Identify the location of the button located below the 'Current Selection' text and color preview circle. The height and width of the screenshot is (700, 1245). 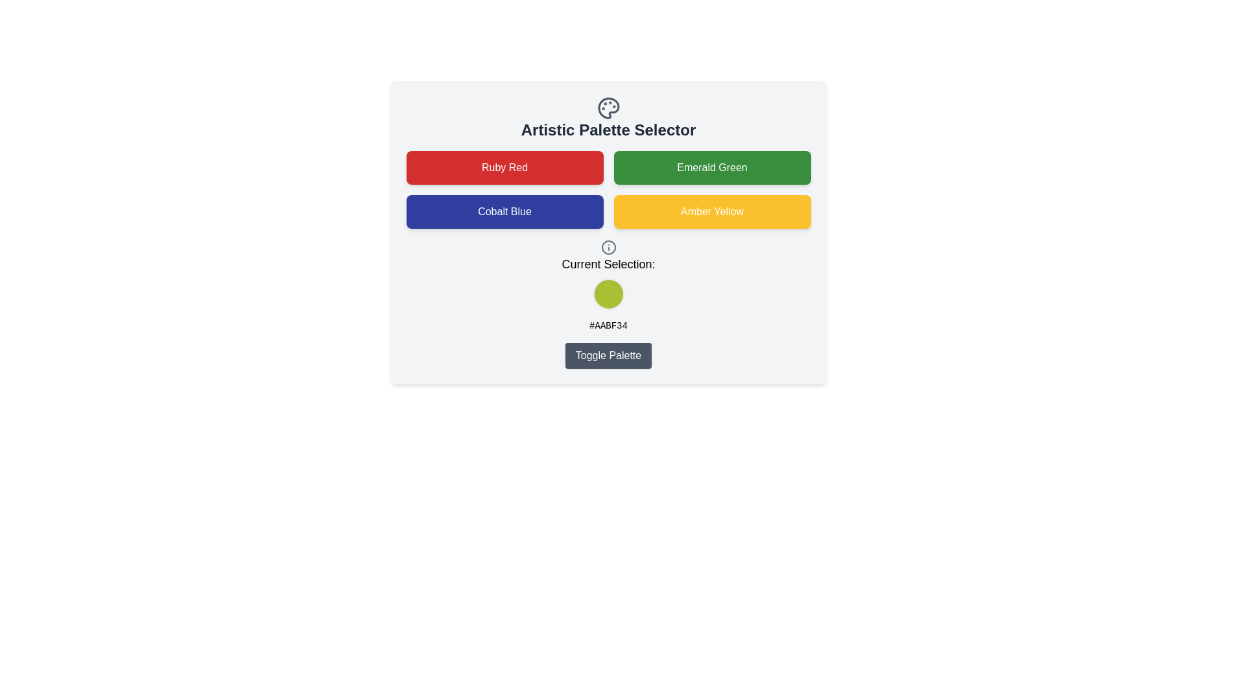
(608, 355).